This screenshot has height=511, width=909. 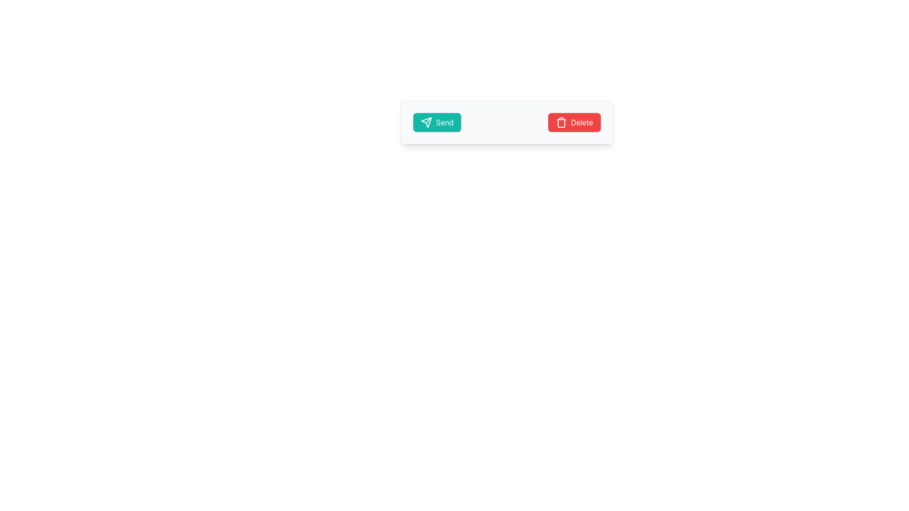 I want to click on the send icon that resembles a paper plane, located within a teal button labeled 'Send', so click(x=426, y=122).